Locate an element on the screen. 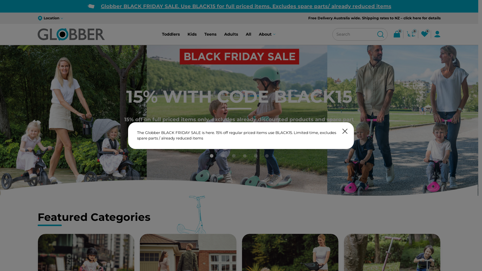  'About' is located at coordinates (267, 34).